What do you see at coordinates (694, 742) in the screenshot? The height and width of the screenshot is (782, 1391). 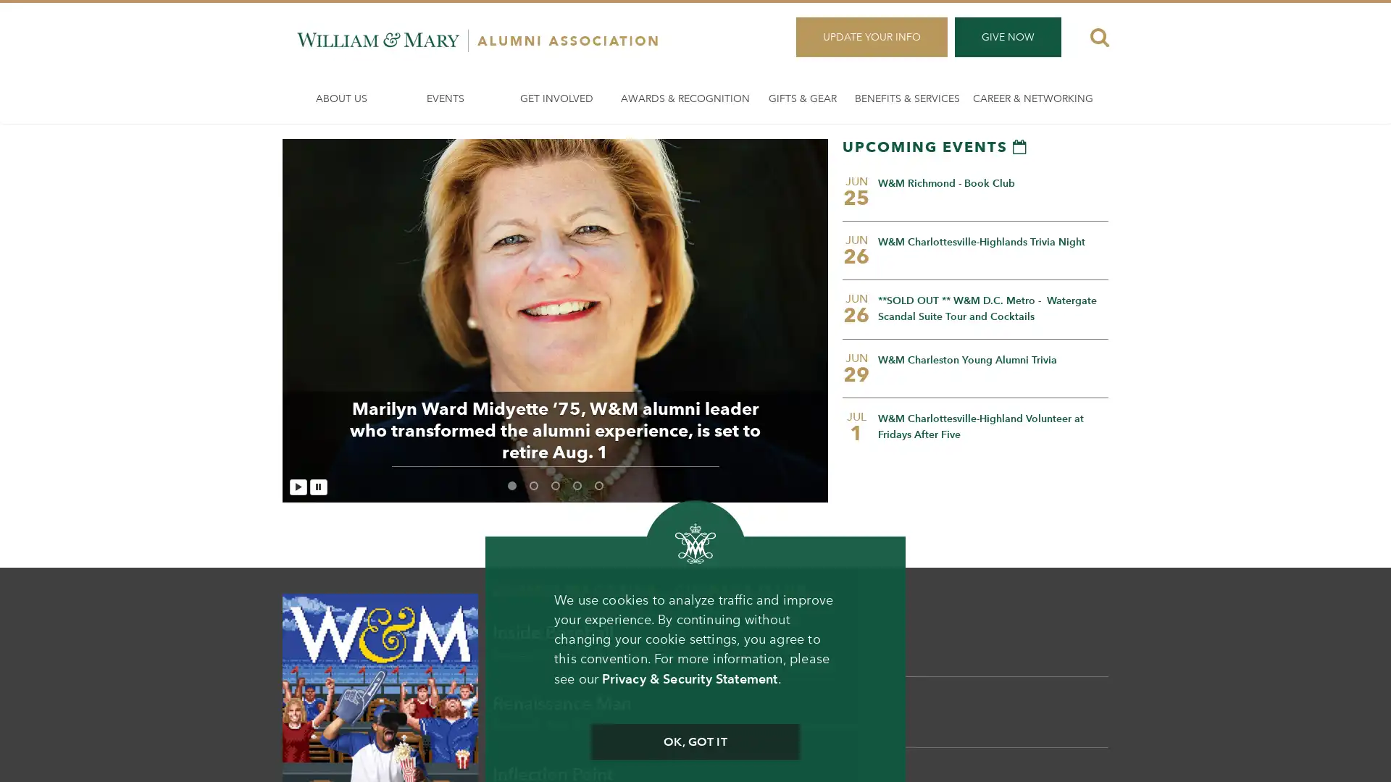 I see `OK, GOT IT` at bounding box center [694, 742].